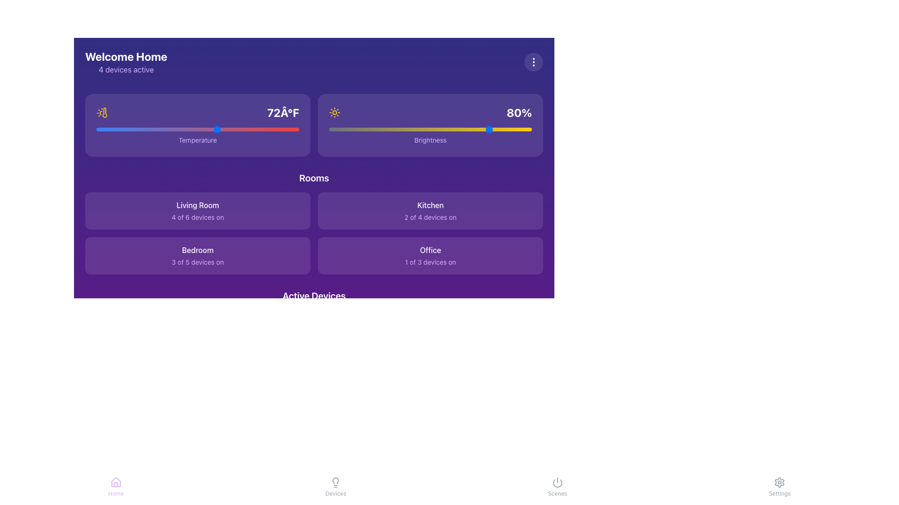 Image resolution: width=899 pixels, height=505 pixels. I want to click on the card UI component labeled 'Bedroom', which is the third card in a two-column grid layout under the 'Rooms' heading, so click(197, 256).